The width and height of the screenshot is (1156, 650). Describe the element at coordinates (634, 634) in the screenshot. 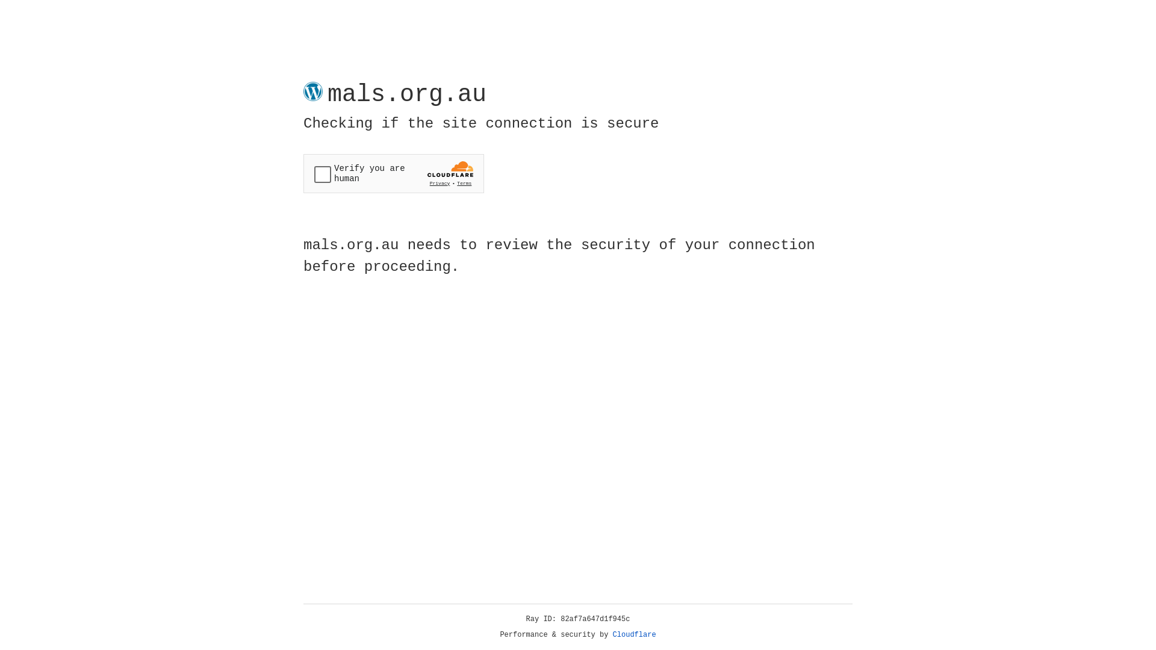

I see `'Cloudflare'` at that location.